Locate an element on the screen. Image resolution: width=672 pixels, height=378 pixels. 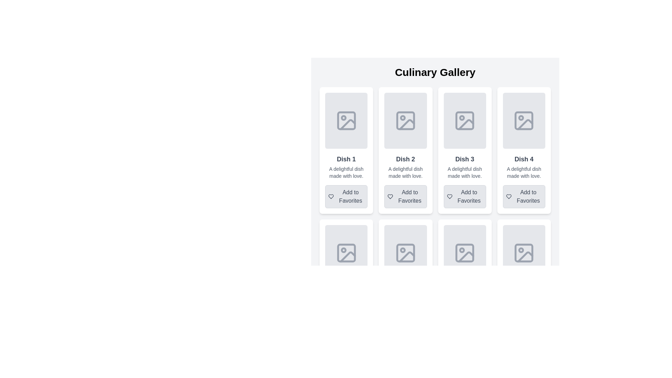
the static text displaying the title 'Dish 4', which is styled with a bold font and grayish color, located in the fourth column of a gallery display, below an image placeholder is located at coordinates (524, 159).